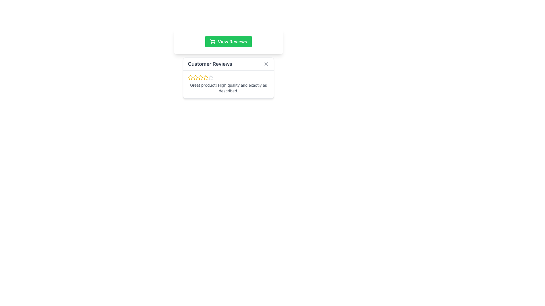  I want to click on the text within the button that navigates to the product or service reviews to observe its hover effects, so click(232, 41).